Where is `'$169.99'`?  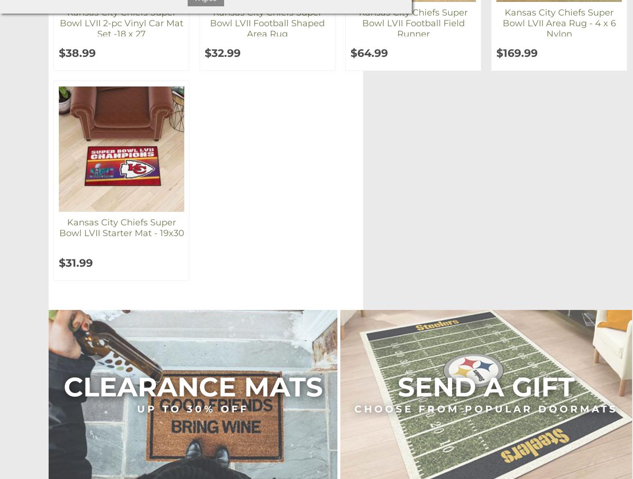 '$169.99' is located at coordinates (516, 53).